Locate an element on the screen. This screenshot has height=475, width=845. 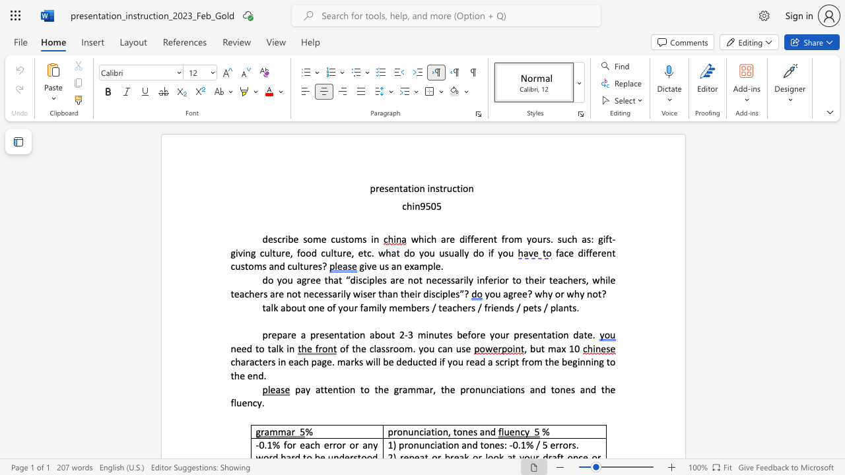
the subset text "talk i" within the text "need to talk in" is located at coordinates (267, 348).